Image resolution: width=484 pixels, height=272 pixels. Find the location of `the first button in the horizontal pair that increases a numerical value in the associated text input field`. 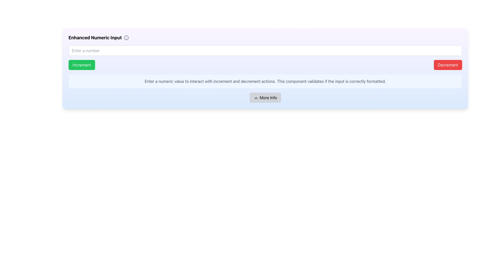

the first button in the horizontal pair that increases a numerical value in the associated text input field is located at coordinates (82, 65).